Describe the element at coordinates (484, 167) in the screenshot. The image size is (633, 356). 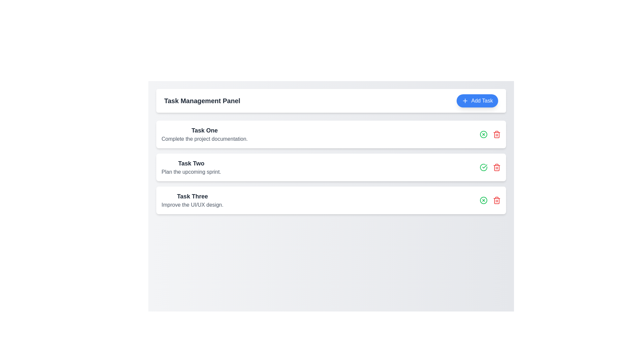
I see `the completion status button for 'Task Two'` at that location.